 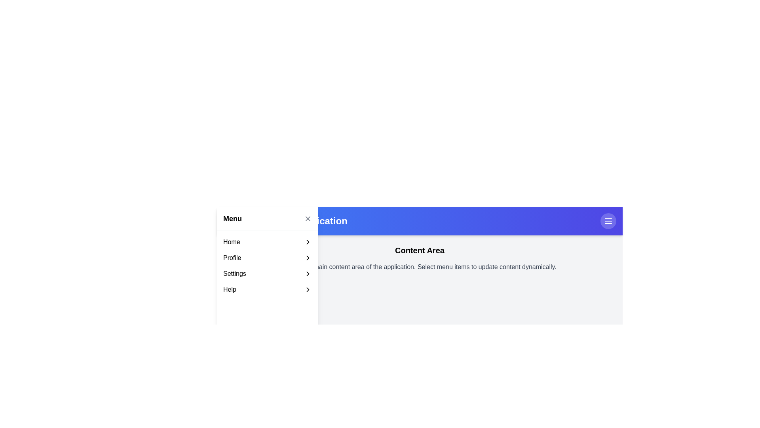 I want to click on the rightward-pointing chevron icon within the 'Profile' interactive row of the vertical menu, so click(x=307, y=258).